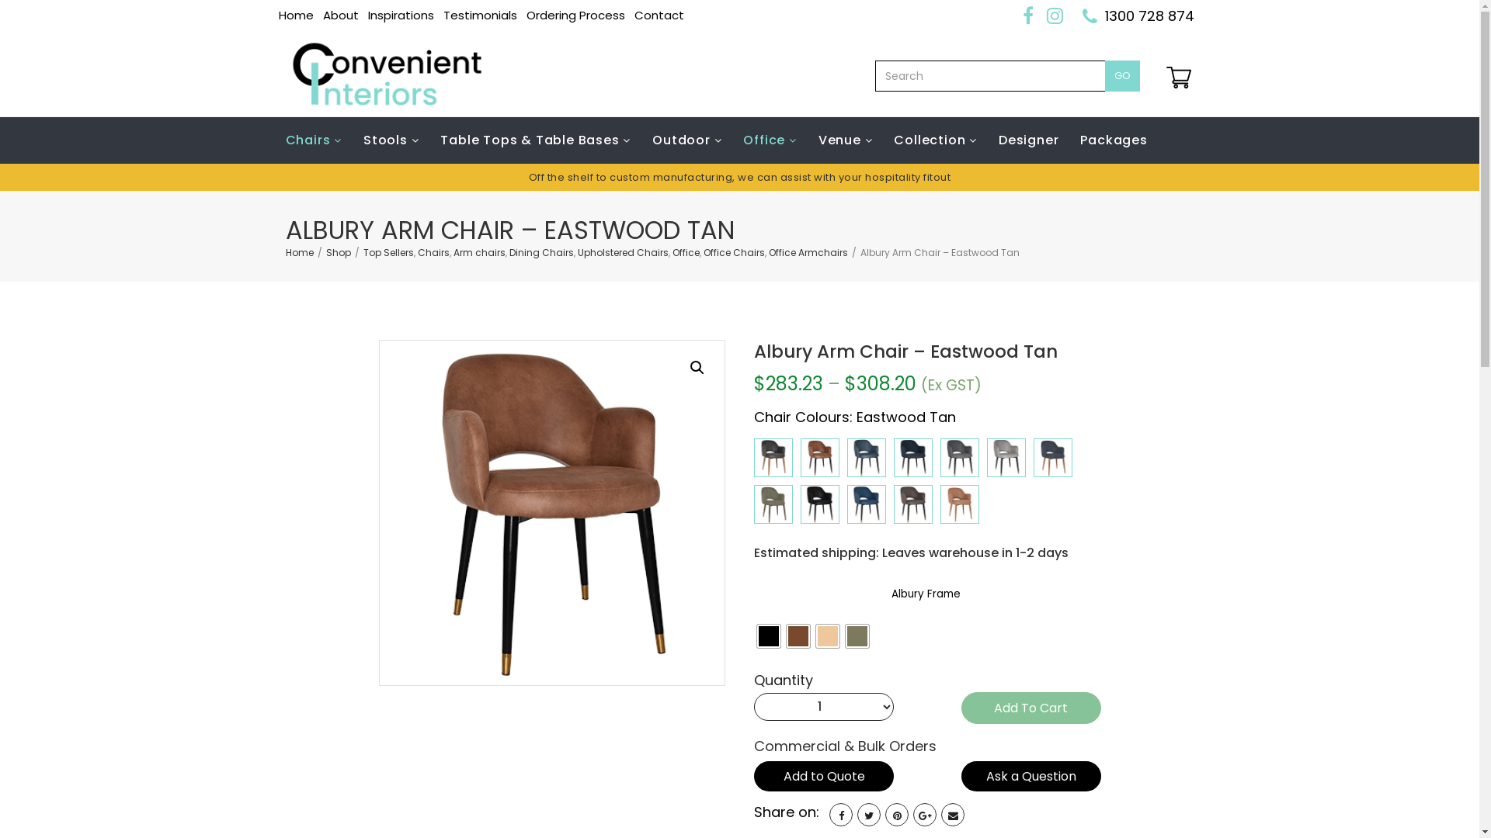 This screenshot has height=838, width=1491. What do you see at coordinates (894, 457) in the screenshot?
I see `'Albury Arm Chair - Gravity Navy'` at bounding box center [894, 457].